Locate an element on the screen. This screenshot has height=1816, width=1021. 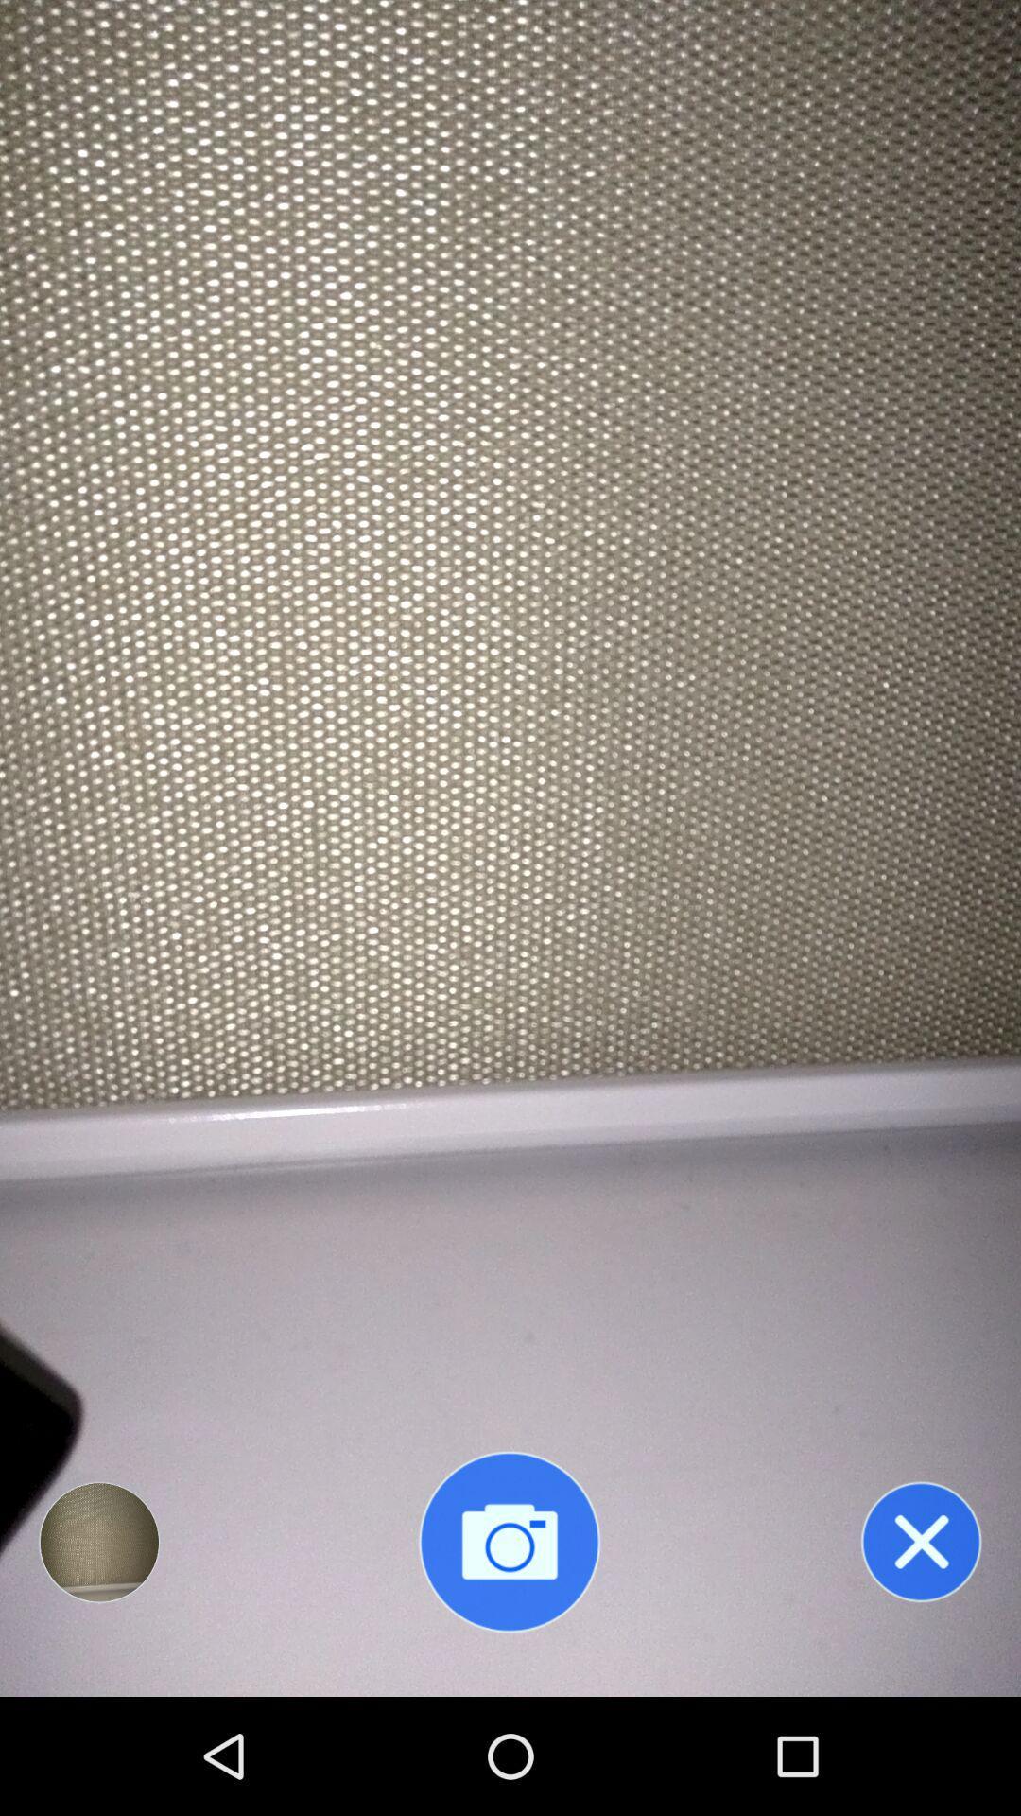
close is located at coordinates (920, 1542).